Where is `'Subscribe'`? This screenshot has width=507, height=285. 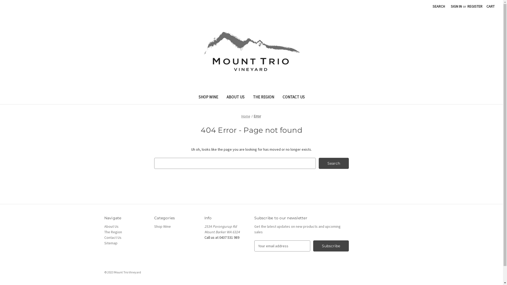
'Subscribe' is located at coordinates (313, 246).